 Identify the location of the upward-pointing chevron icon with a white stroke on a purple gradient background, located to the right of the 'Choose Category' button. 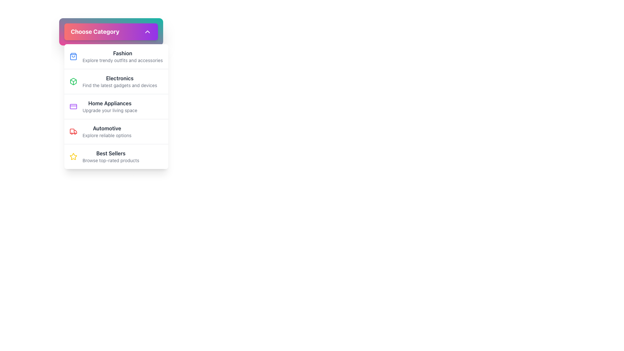
(147, 32).